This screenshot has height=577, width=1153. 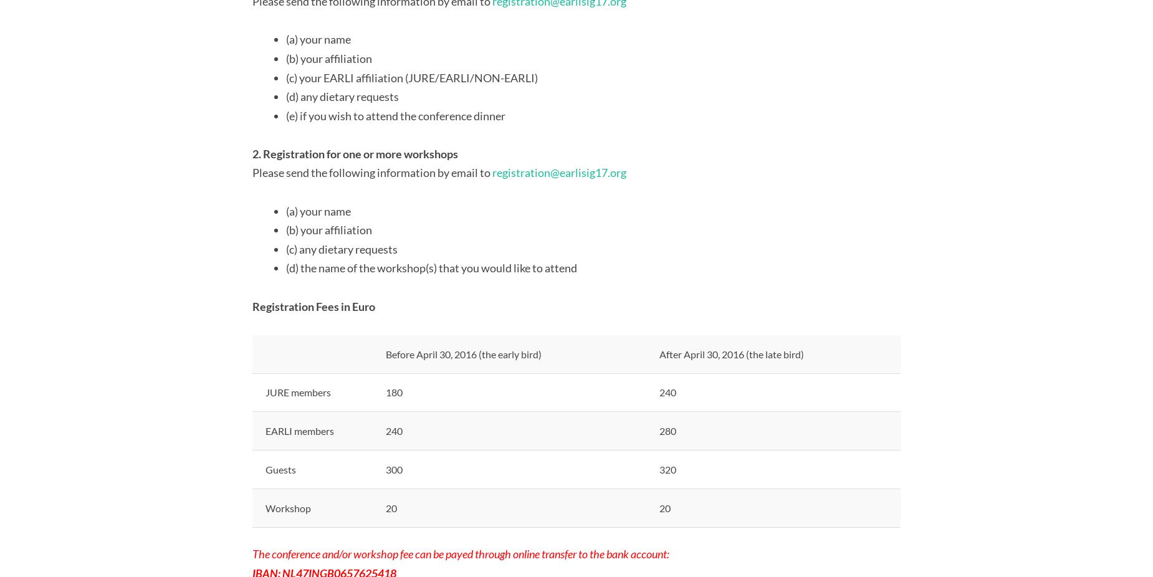 I want to click on '(c) any dietary requests', so click(x=342, y=249).